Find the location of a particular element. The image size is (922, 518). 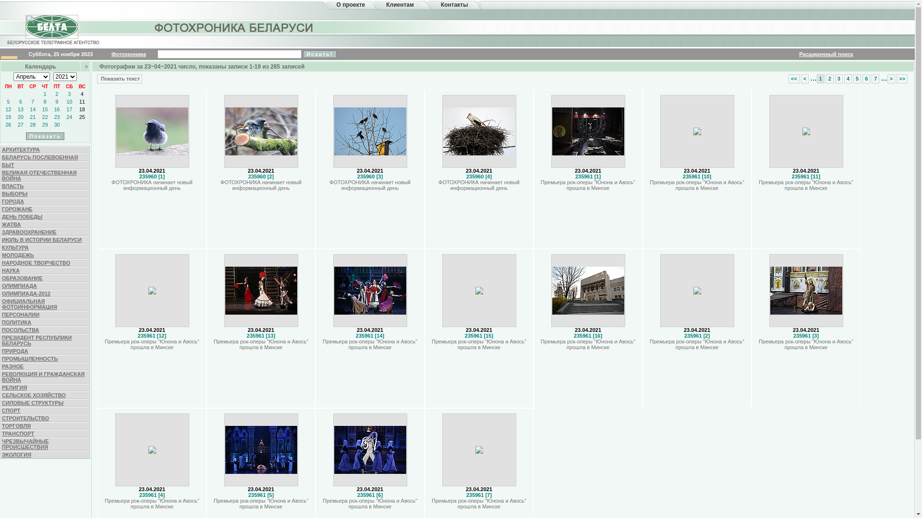

'30' is located at coordinates (57, 124).